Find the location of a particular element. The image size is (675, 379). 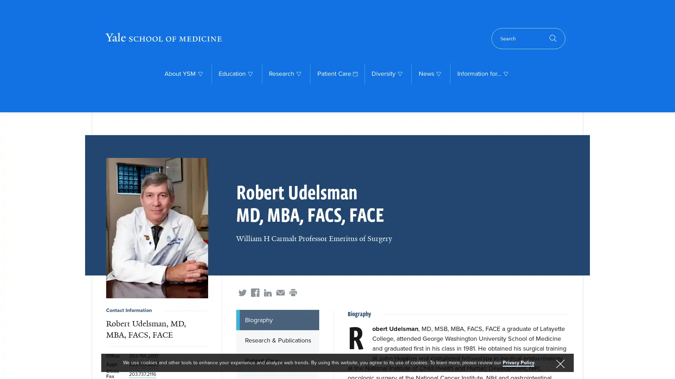

Show News submenu is located at coordinates (438, 73).